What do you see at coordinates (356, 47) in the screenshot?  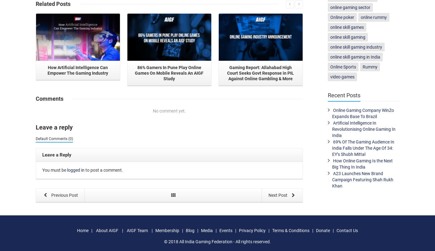 I see `'online skill gaming industry'` at bounding box center [356, 47].